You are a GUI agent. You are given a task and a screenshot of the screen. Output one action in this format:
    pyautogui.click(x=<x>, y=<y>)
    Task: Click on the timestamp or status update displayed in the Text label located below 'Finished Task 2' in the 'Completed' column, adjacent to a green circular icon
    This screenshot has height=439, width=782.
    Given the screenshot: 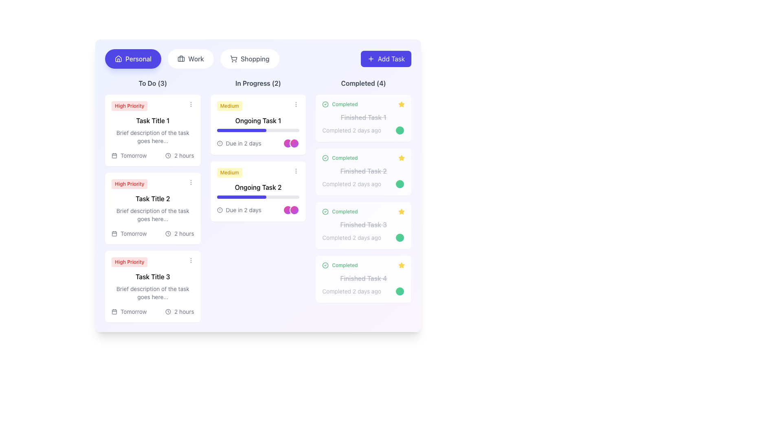 What is the action you would take?
    pyautogui.click(x=351, y=184)
    